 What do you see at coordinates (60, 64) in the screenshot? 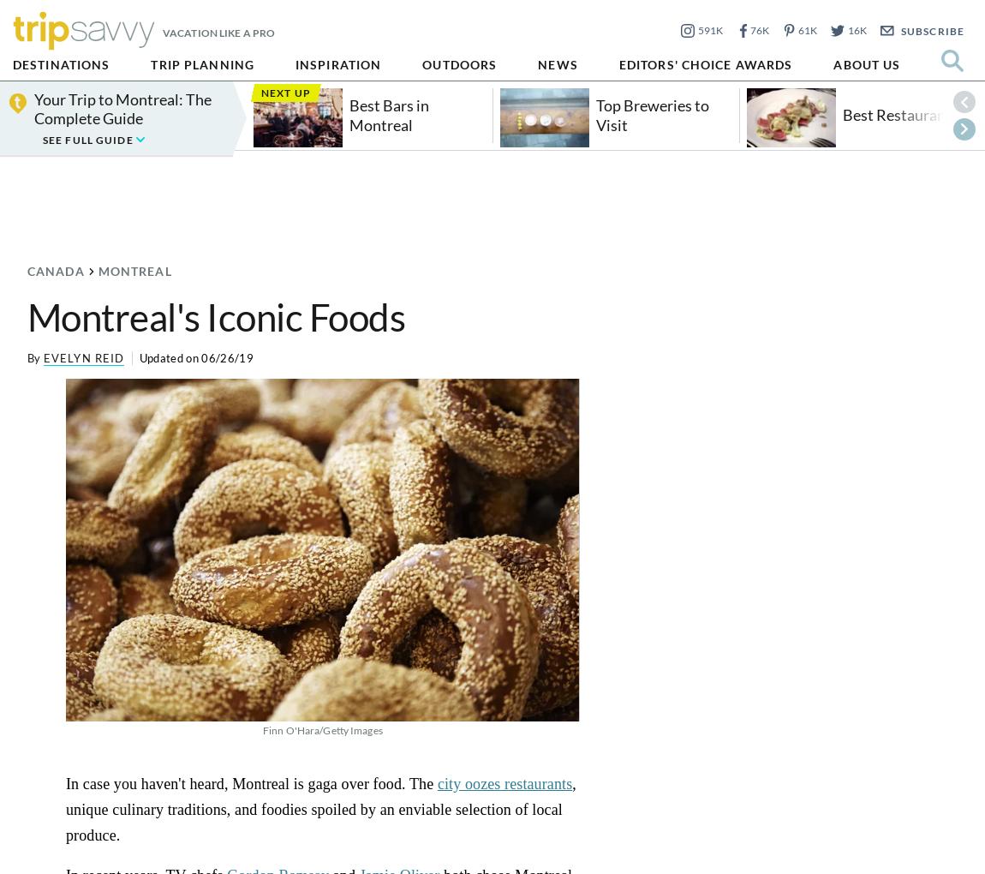
I see `'Destinations'` at bounding box center [60, 64].